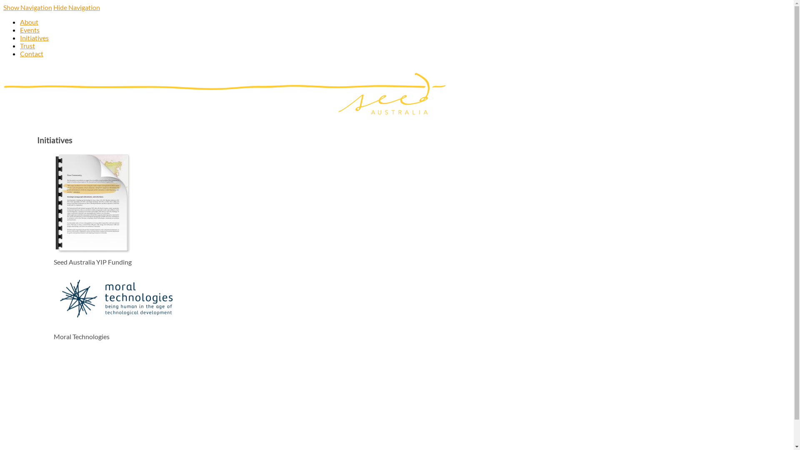 The width and height of the screenshot is (800, 450). What do you see at coordinates (20, 29) in the screenshot?
I see `'Events'` at bounding box center [20, 29].